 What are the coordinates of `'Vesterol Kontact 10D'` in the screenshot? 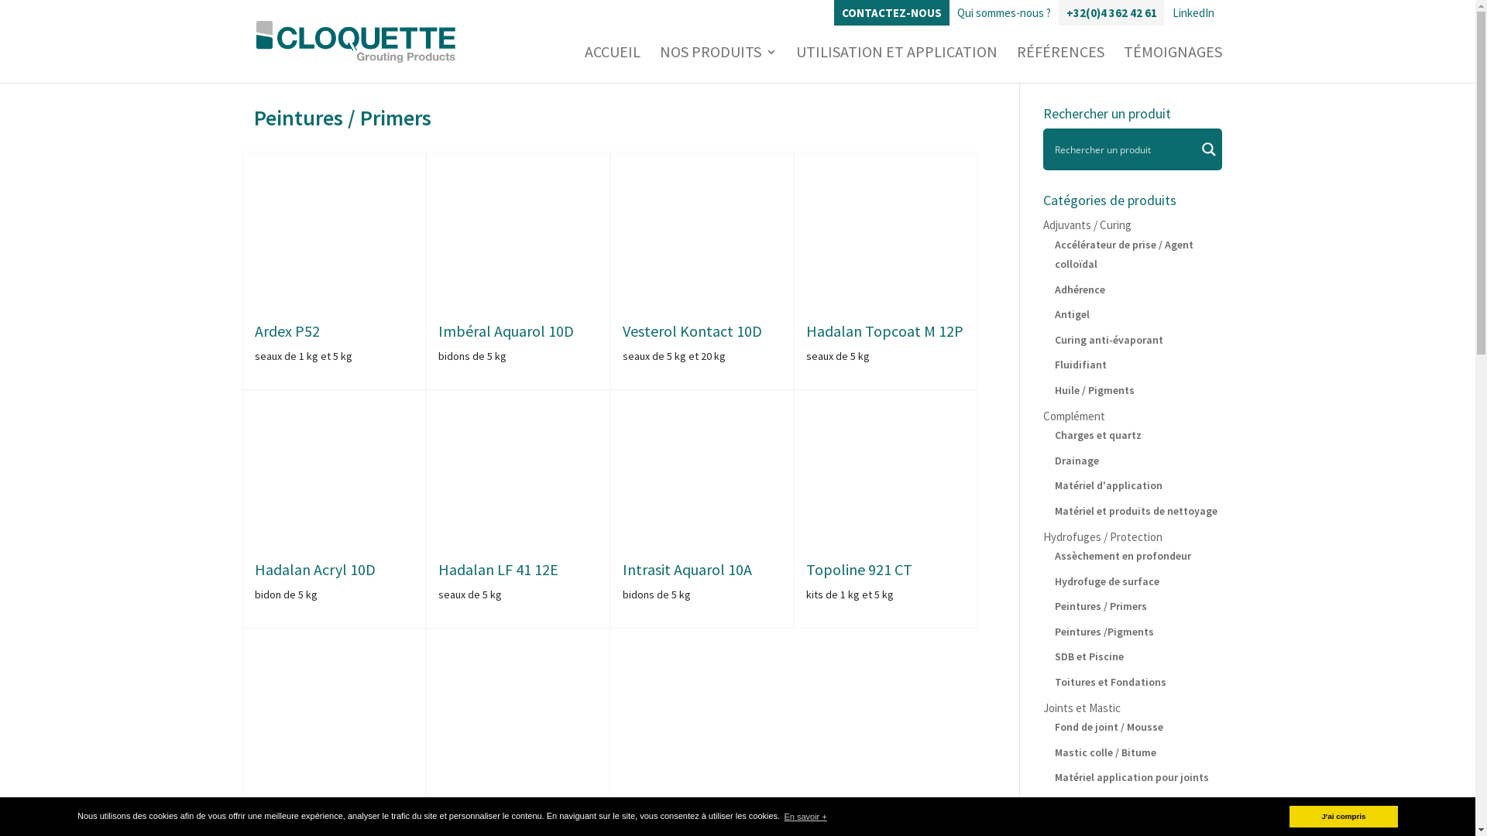 It's located at (691, 330).